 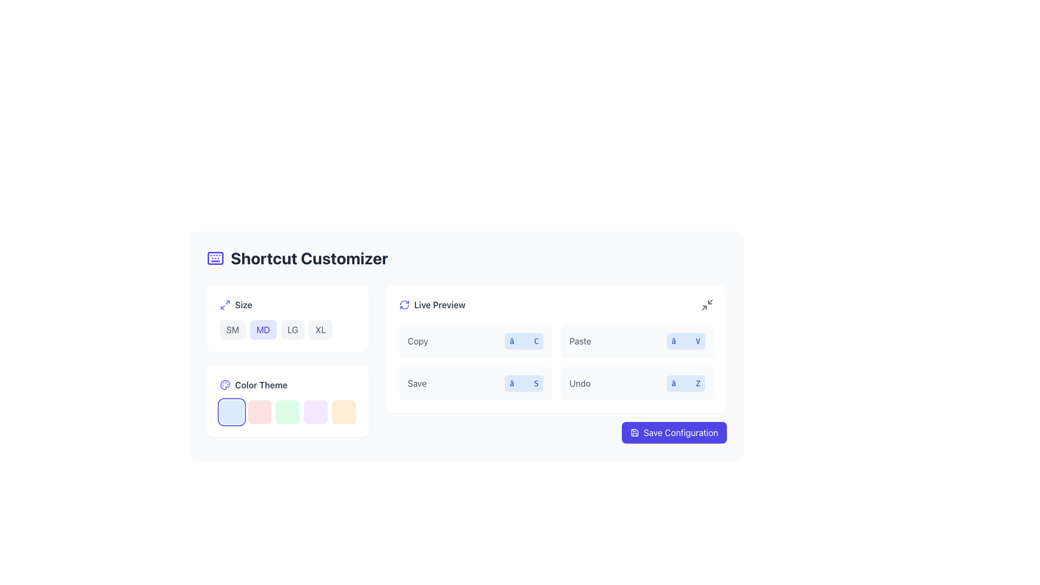 I want to click on the second square-shaped red button with a rounded border in the 'Color Theme' section, so click(x=259, y=412).